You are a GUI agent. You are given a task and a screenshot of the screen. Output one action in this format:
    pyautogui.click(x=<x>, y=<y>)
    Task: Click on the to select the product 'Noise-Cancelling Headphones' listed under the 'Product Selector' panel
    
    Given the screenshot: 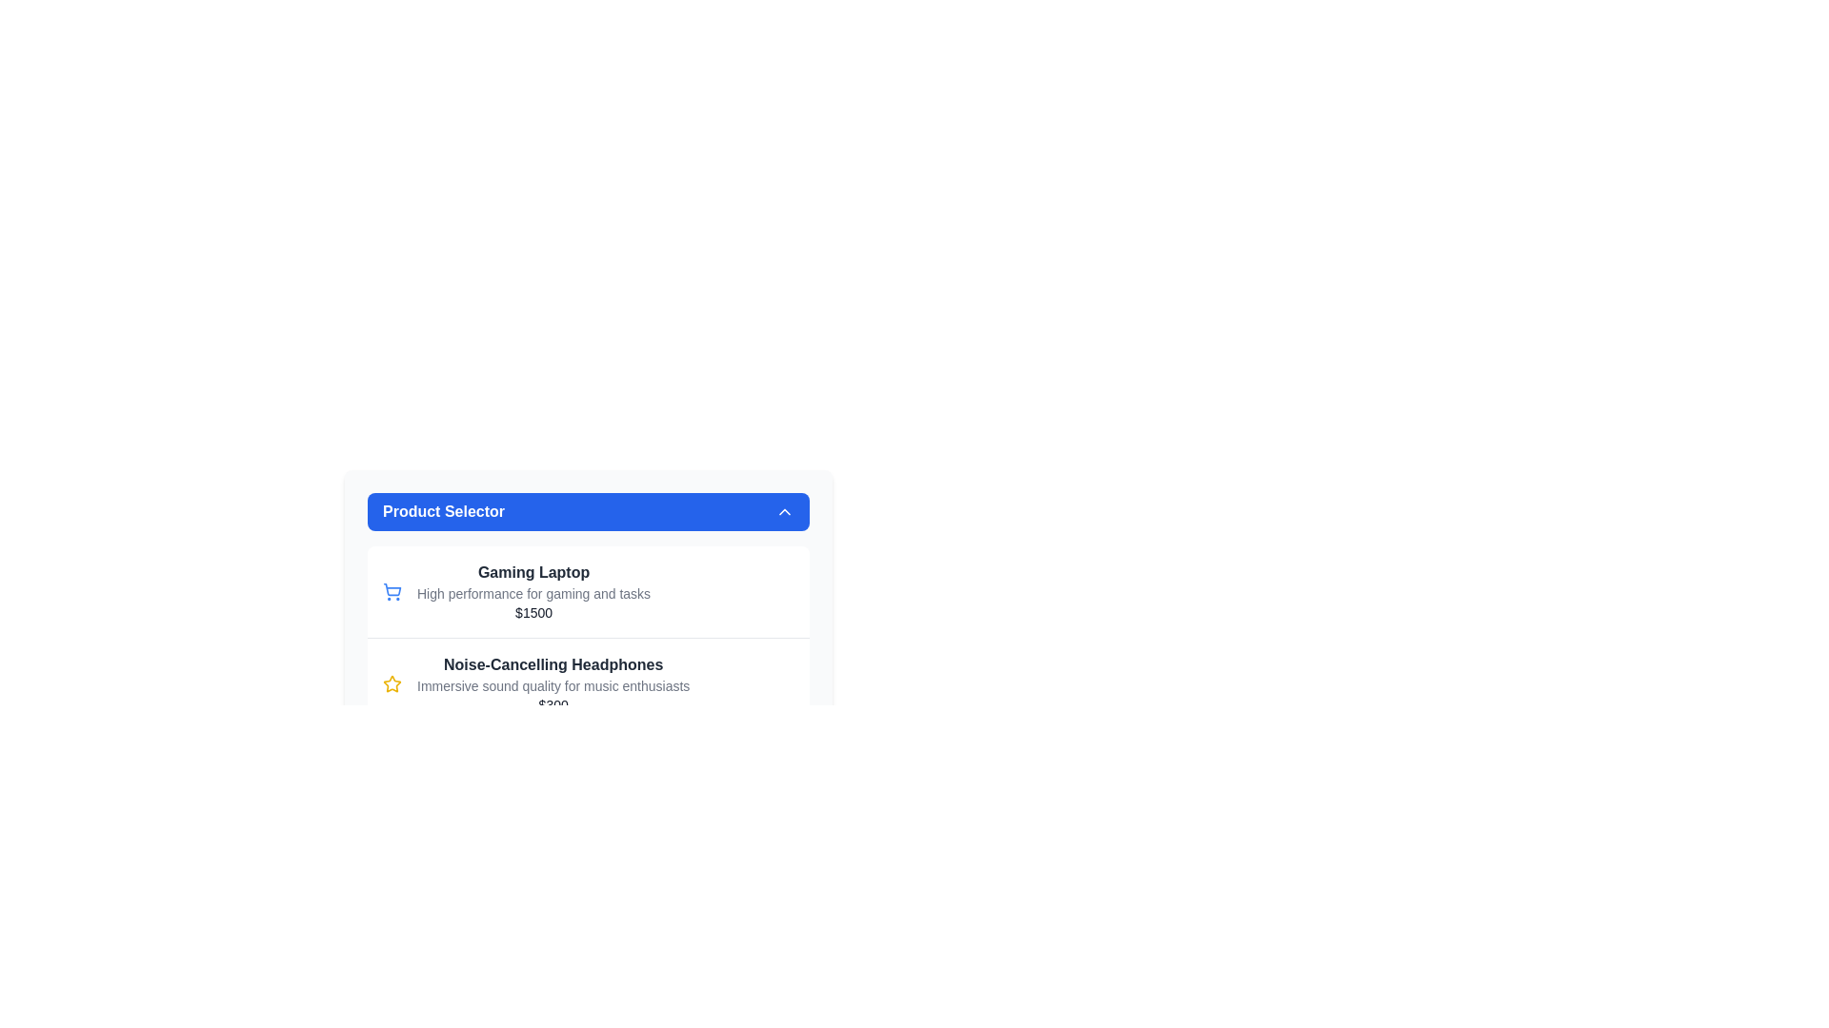 What is the action you would take?
    pyautogui.click(x=588, y=656)
    